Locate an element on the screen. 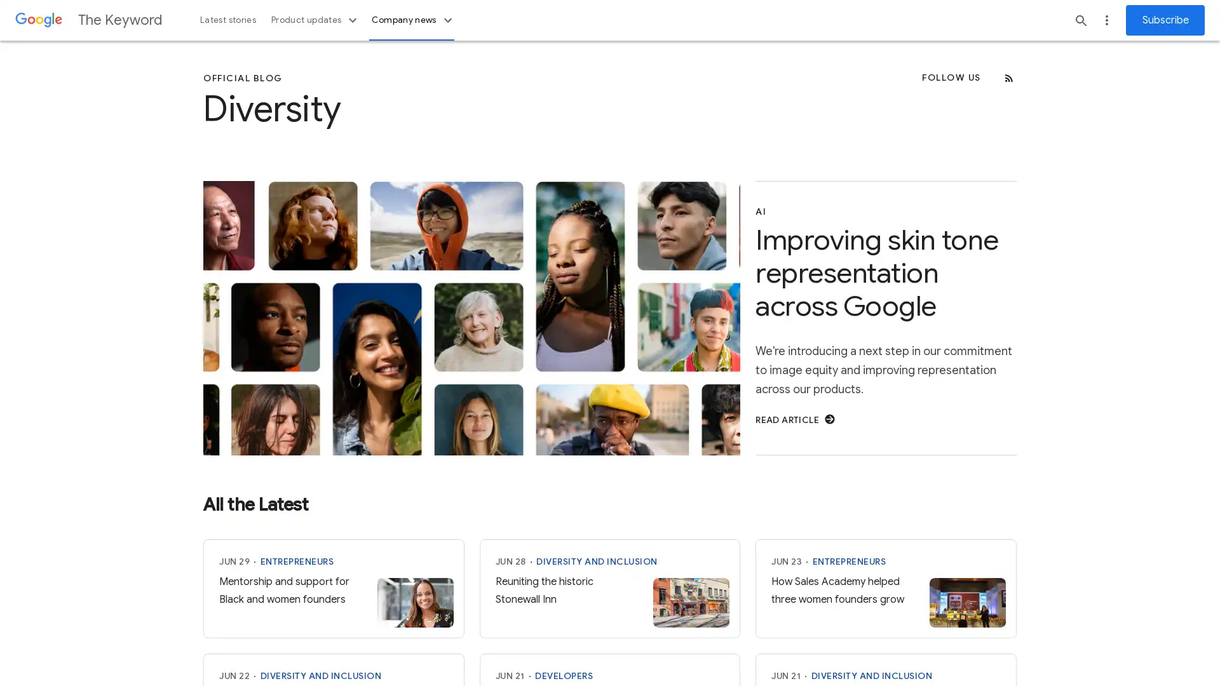 This screenshot has height=686, width=1220. Newsletter subscribe is located at coordinates (1165, 20).